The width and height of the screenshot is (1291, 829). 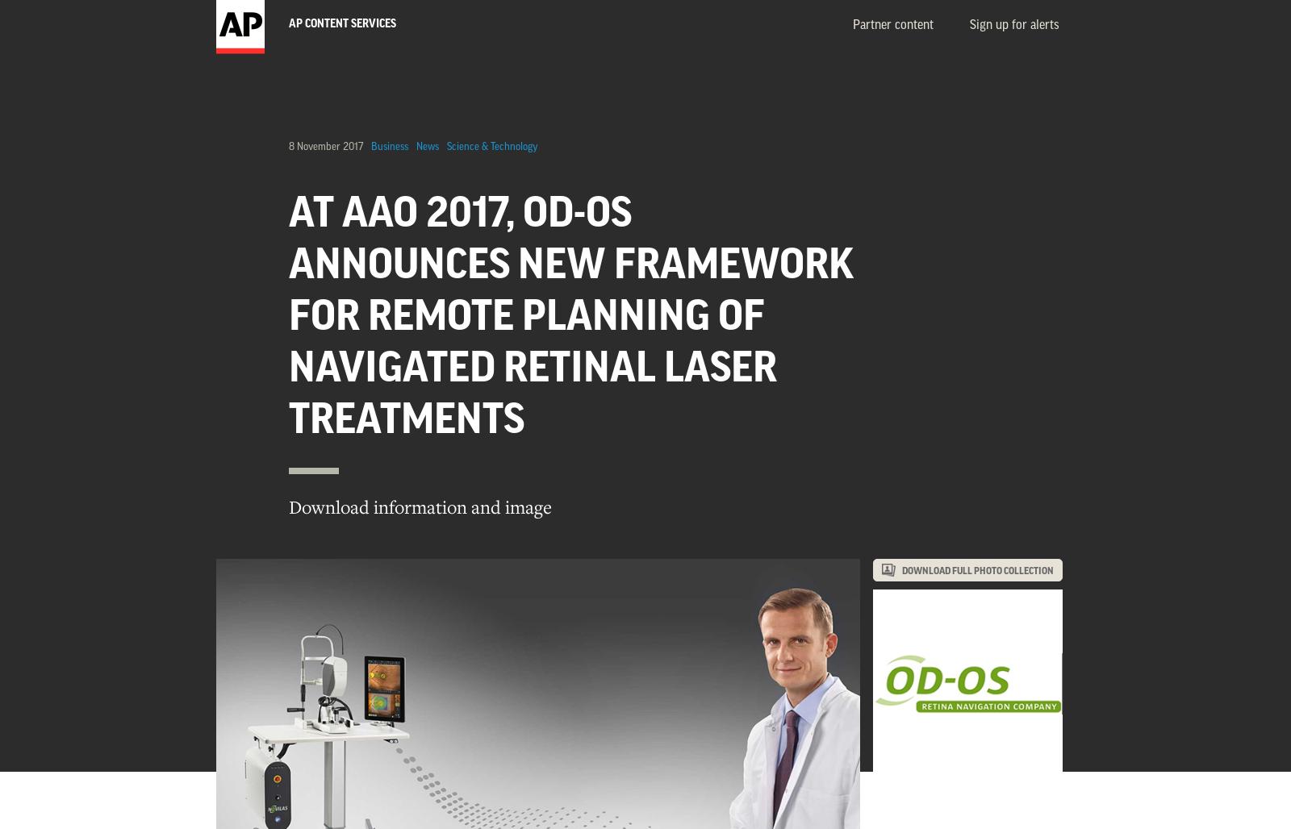 I want to click on 'AP CONTENT SERVICES', so click(x=287, y=24).